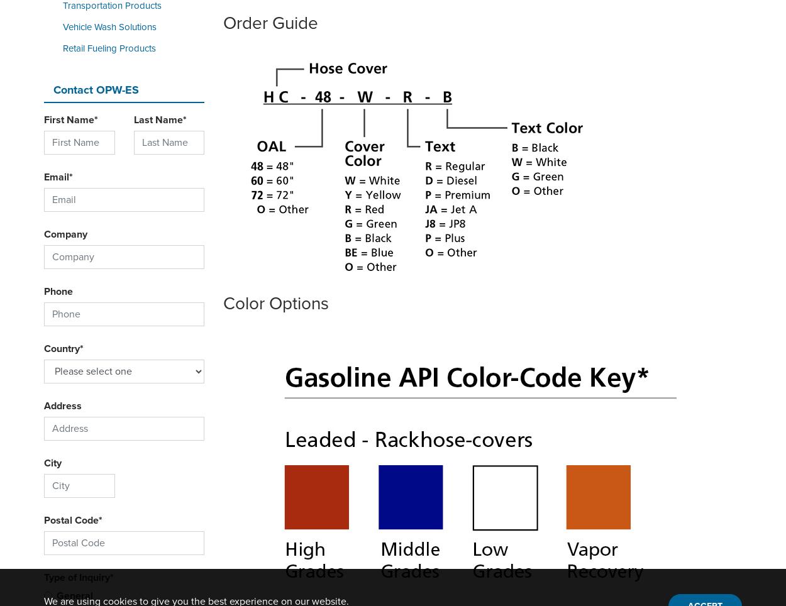 The image size is (786, 606). What do you see at coordinates (72, 519) in the screenshot?
I see `'Postal Code*'` at bounding box center [72, 519].